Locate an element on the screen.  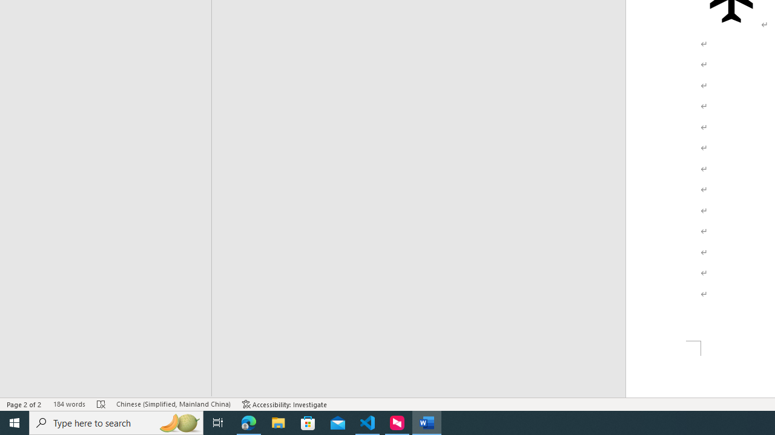
'Microsoft Edge - 1 running window' is located at coordinates (248, 422).